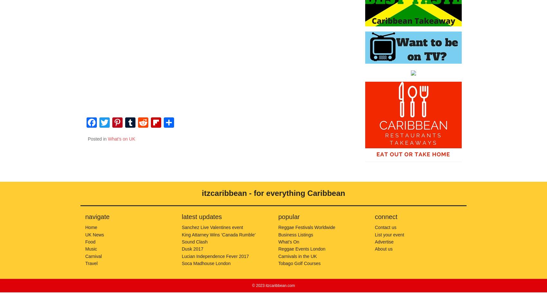  I want to click on 'Food', so click(90, 241).